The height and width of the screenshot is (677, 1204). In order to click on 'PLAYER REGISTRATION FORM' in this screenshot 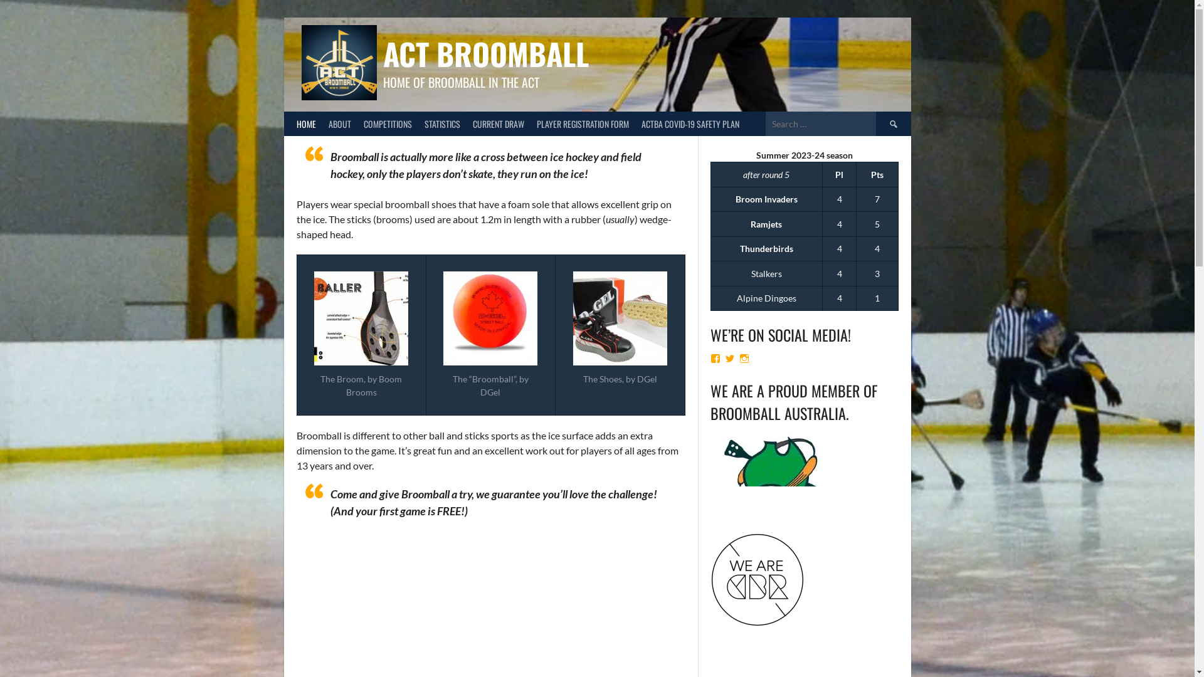, I will do `click(582, 123)`.